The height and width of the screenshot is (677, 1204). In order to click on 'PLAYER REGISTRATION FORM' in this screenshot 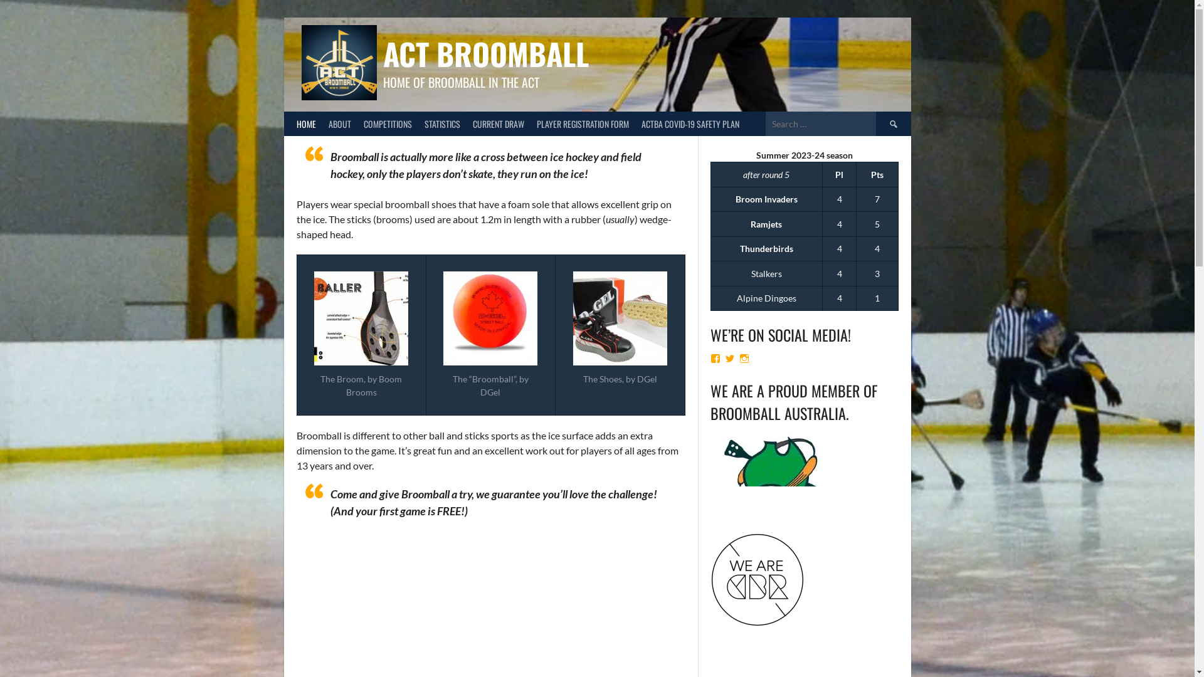, I will do `click(582, 123)`.